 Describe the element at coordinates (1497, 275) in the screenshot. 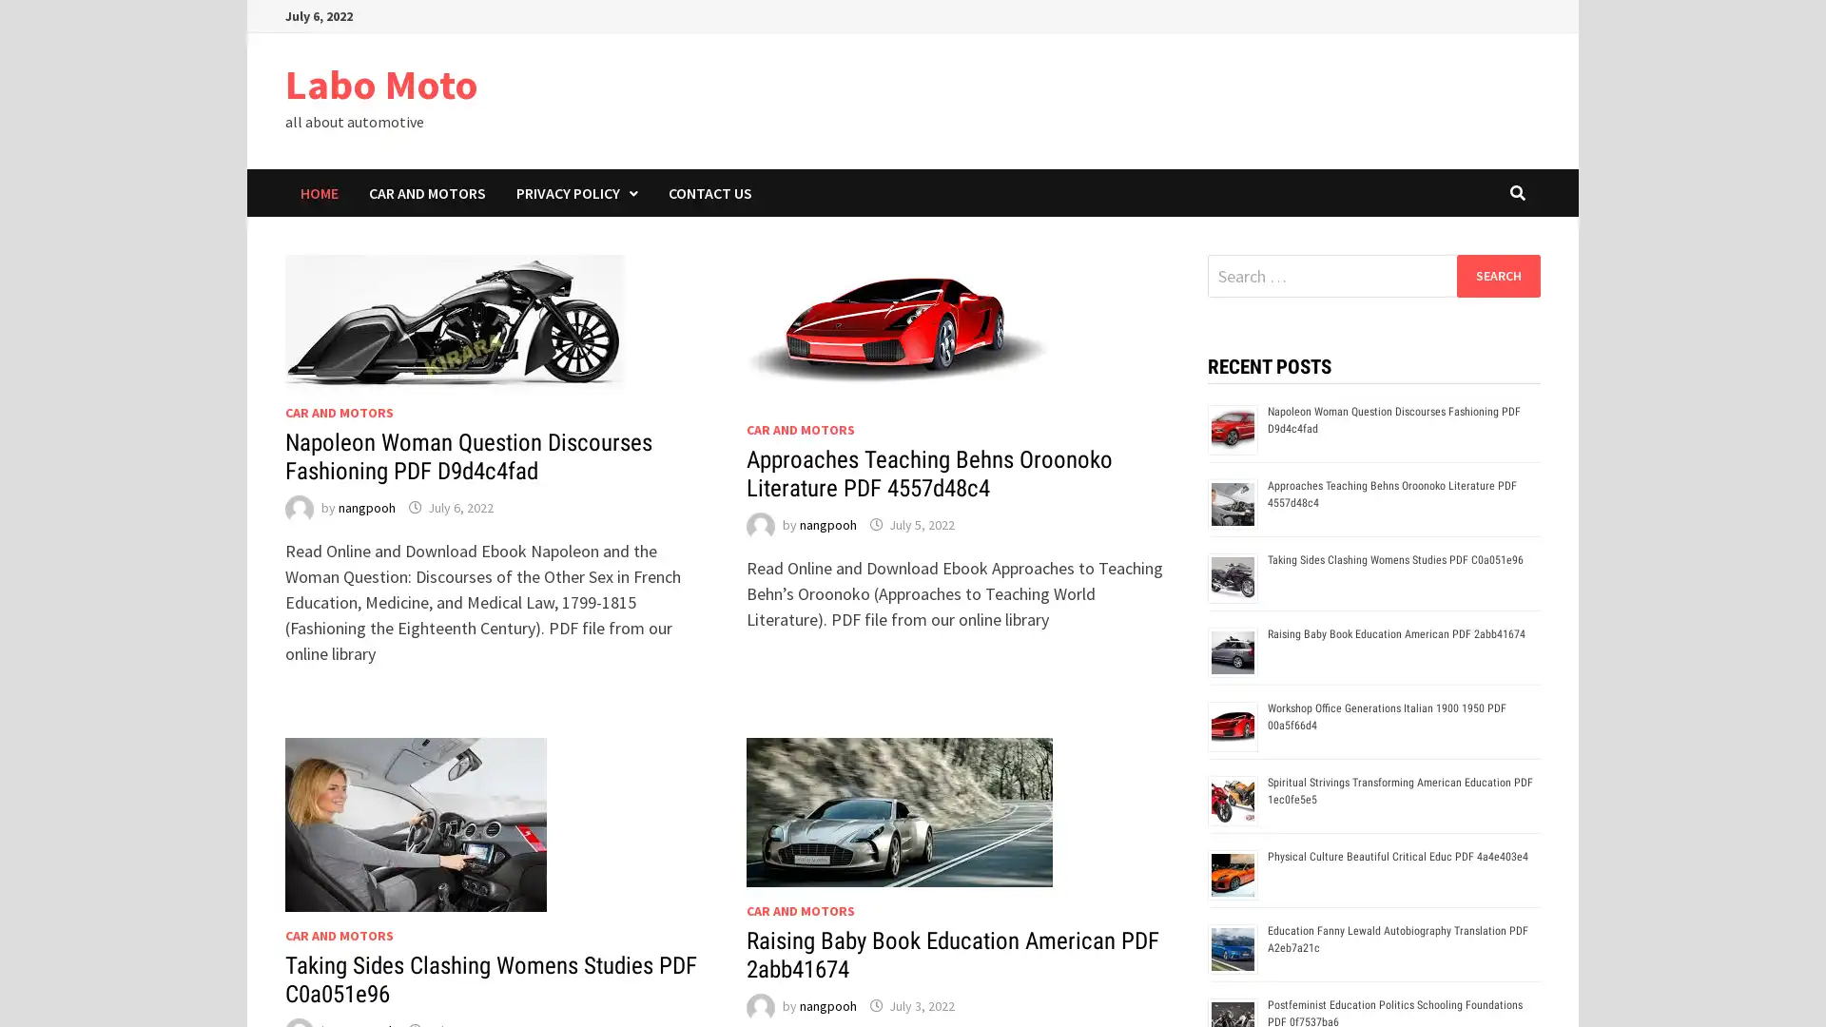

I see `Search` at that location.